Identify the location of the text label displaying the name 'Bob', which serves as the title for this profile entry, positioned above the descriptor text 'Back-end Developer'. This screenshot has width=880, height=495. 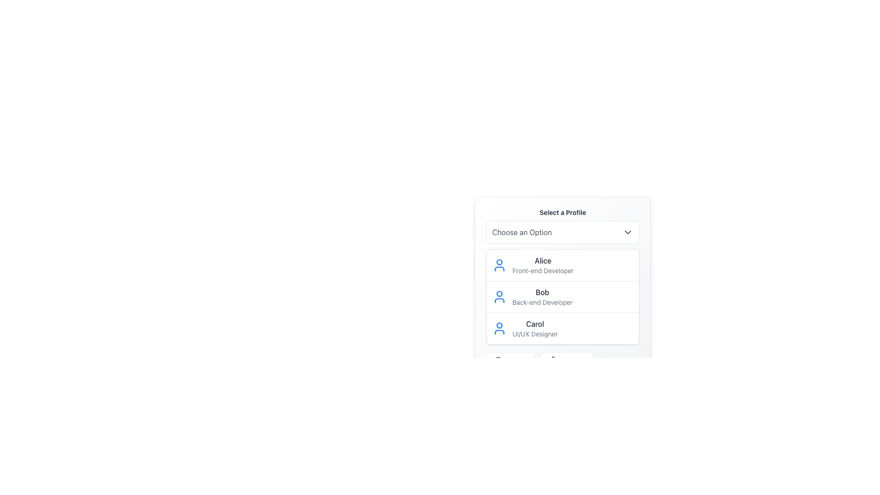
(542, 292).